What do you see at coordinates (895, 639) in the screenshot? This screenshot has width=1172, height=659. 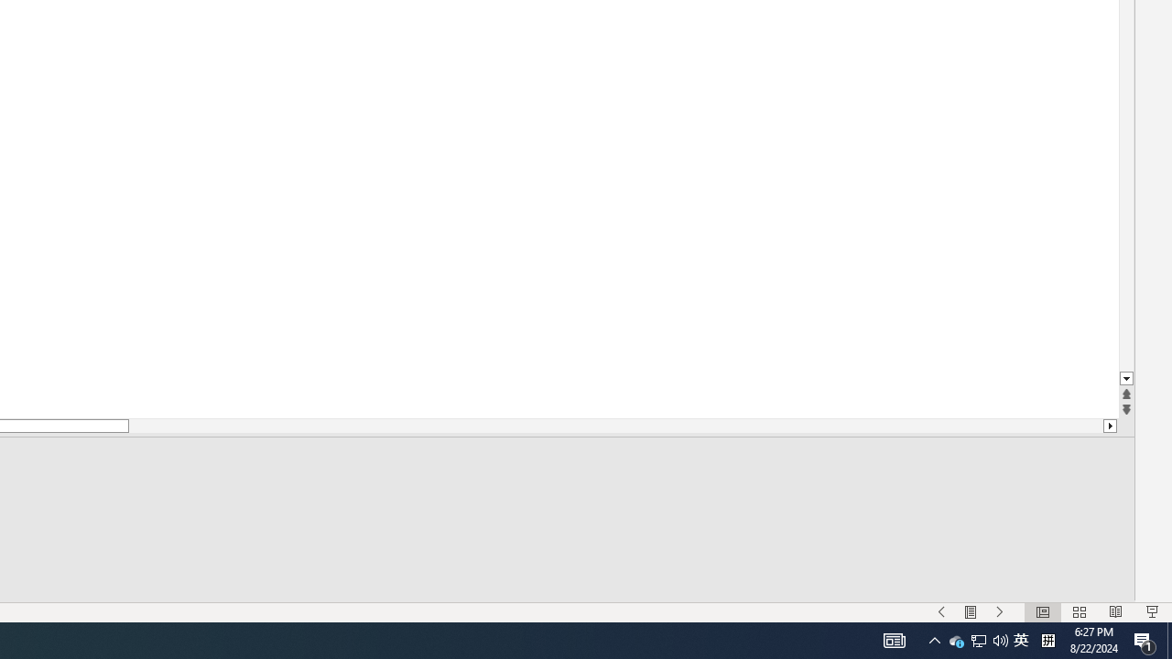 I see `'AutomationID: 4105'` at bounding box center [895, 639].